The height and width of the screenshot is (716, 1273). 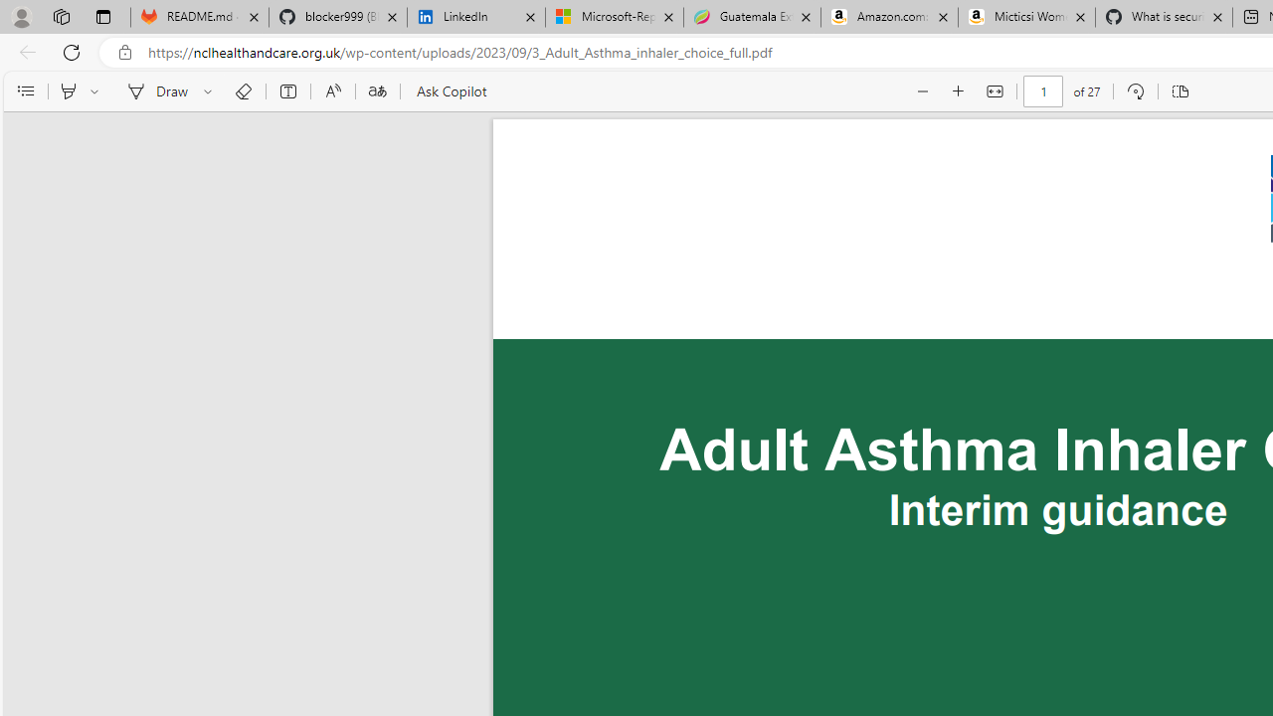 I want to click on 'Draw', so click(x=153, y=91).